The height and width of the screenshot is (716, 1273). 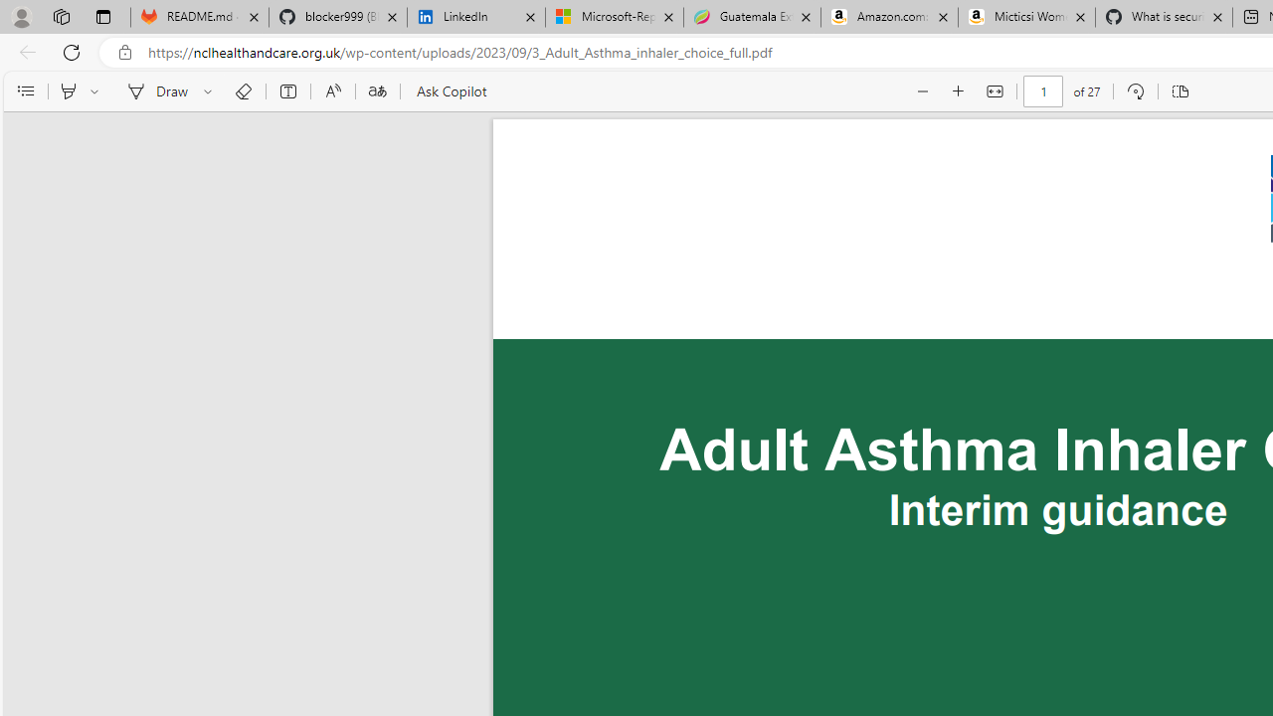 I want to click on 'Draw', so click(x=153, y=91).